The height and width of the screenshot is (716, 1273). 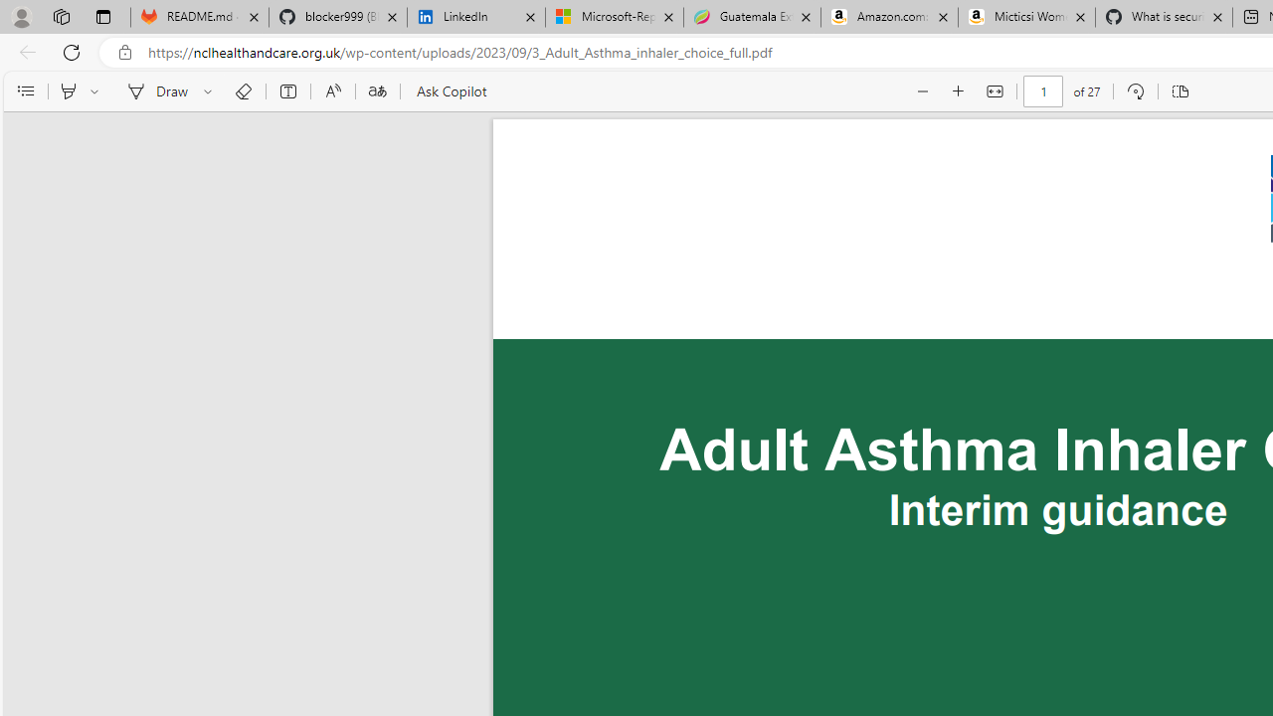 I want to click on 'Draw', so click(x=153, y=91).